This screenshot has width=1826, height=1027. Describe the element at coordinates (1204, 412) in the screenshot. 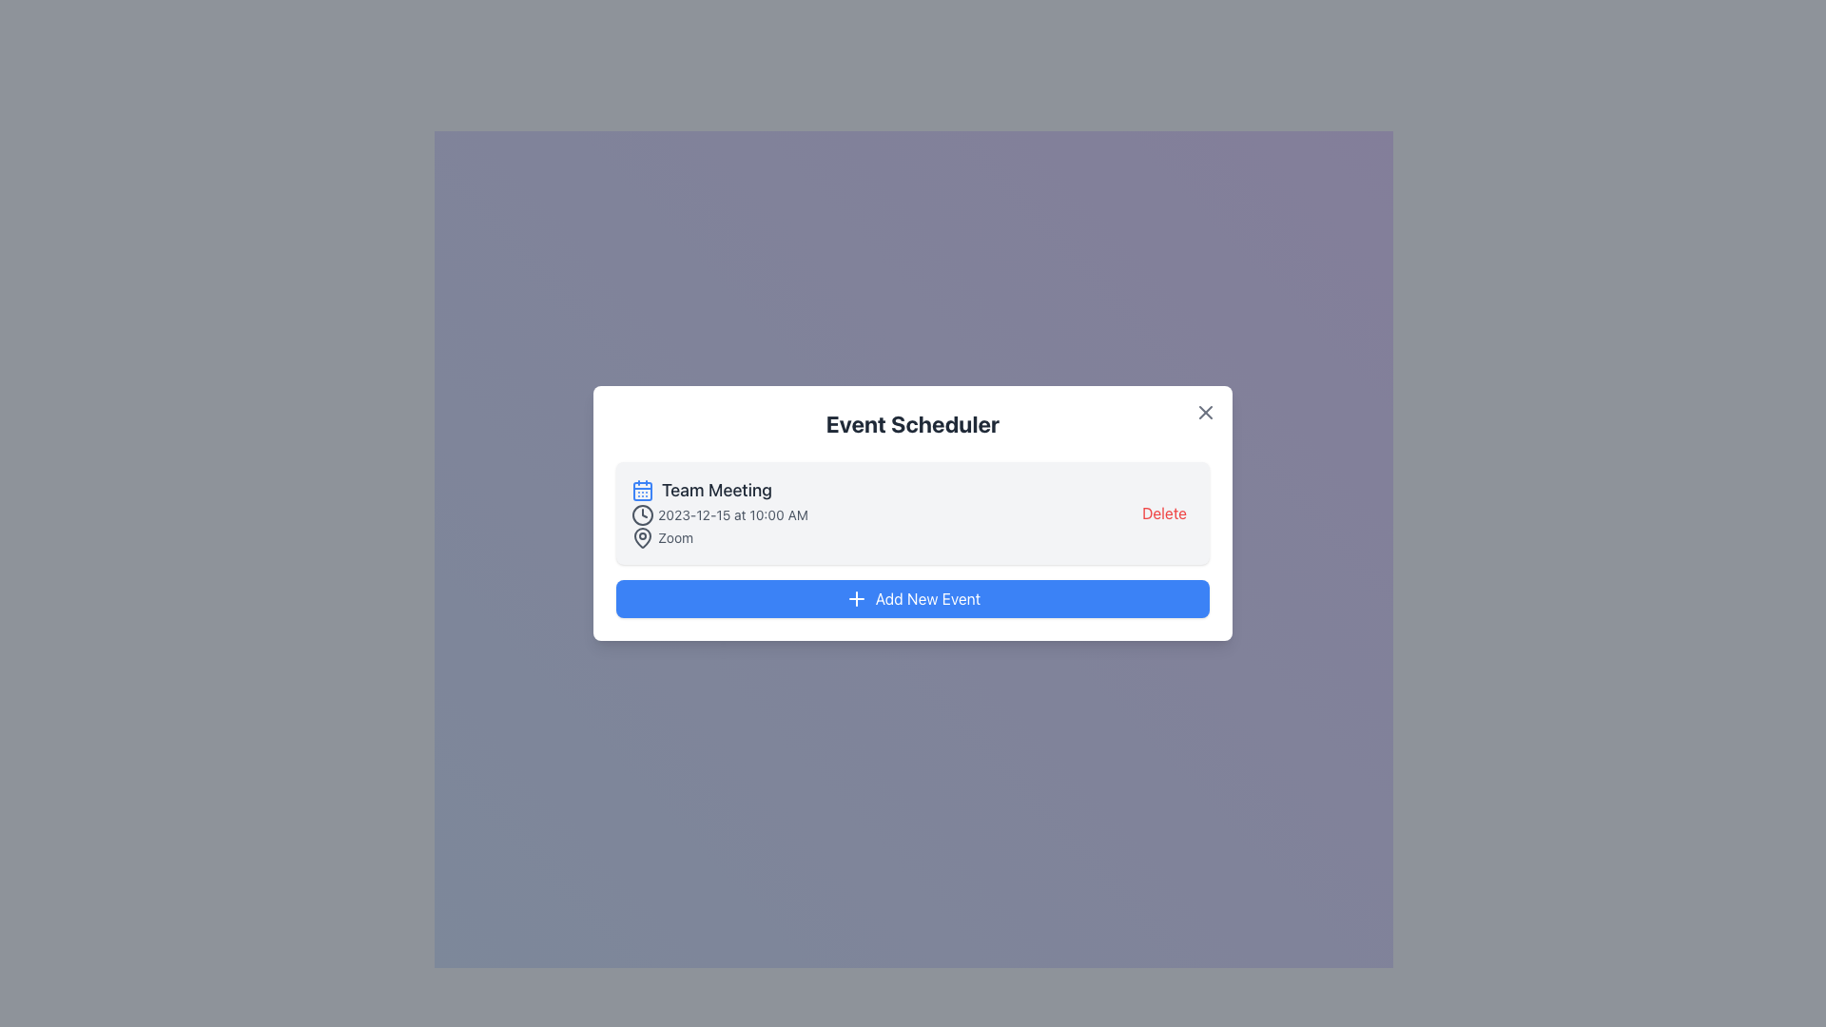

I see `the close button located in the top-right corner of the 'Event Scheduler' card to trigger a visual color change` at that location.